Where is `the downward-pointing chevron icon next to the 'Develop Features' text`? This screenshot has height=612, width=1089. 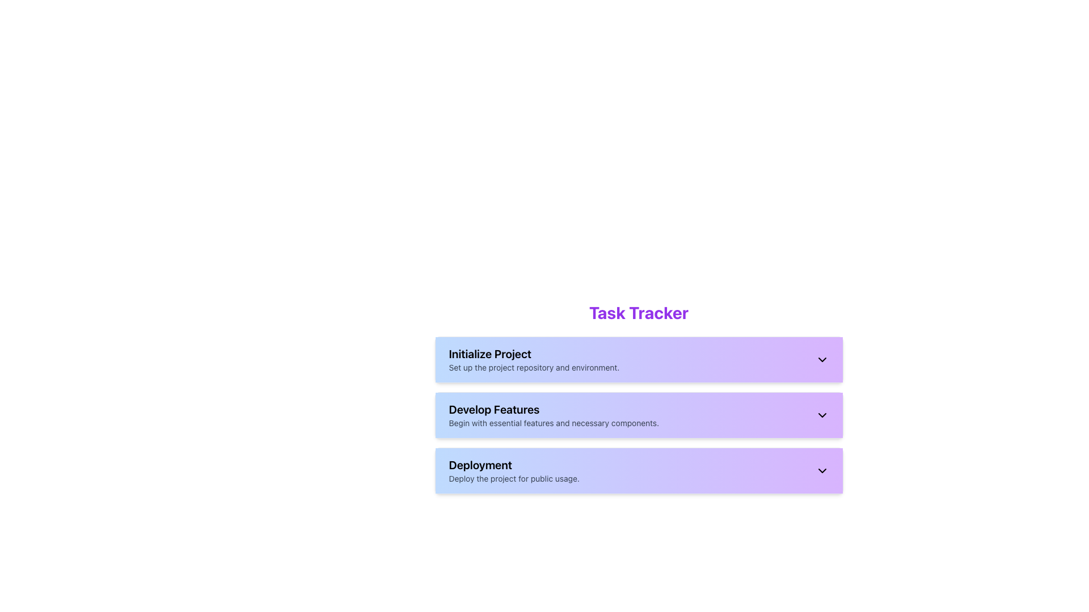
the downward-pointing chevron icon next to the 'Develop Features' text is located at coordinates (822, 415).